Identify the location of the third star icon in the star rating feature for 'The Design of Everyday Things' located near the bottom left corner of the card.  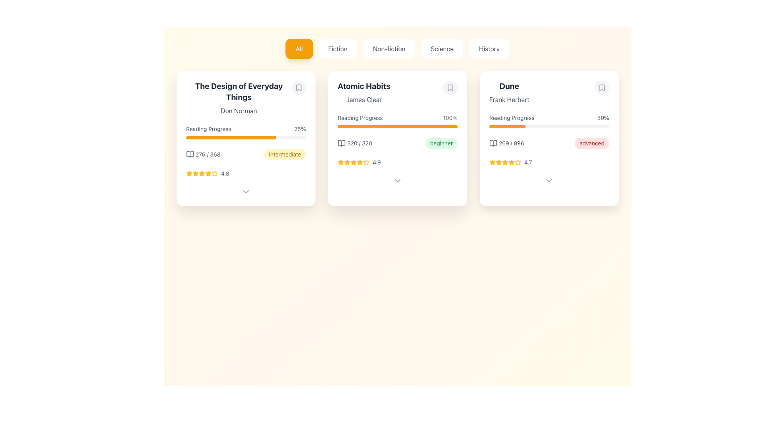
(196, 173).